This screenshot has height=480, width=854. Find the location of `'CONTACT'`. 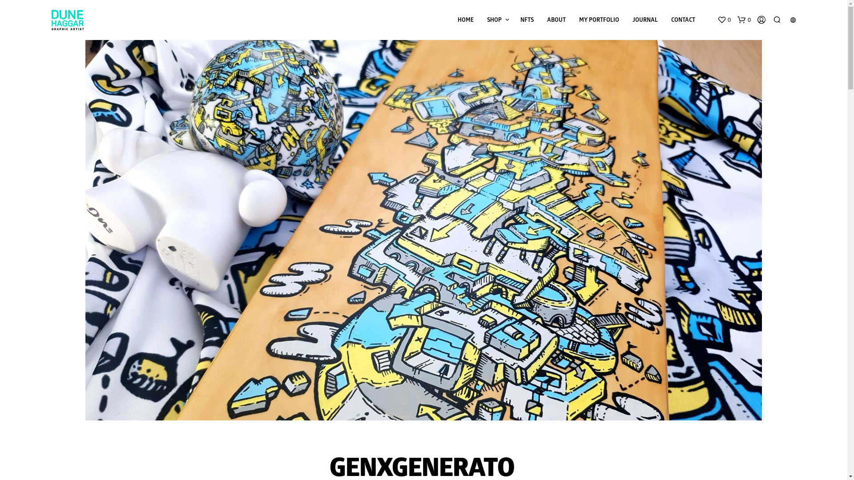

'CONTACT' is located at coordinates (683, 20).